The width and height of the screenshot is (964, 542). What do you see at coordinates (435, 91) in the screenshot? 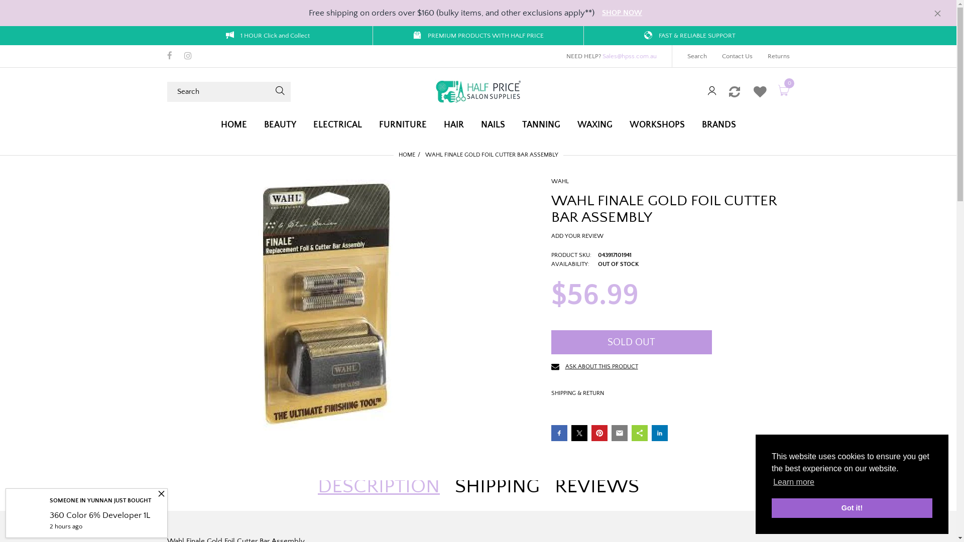
I see `'Half Price Salon Supplies'` at bounding box center [435, 91].